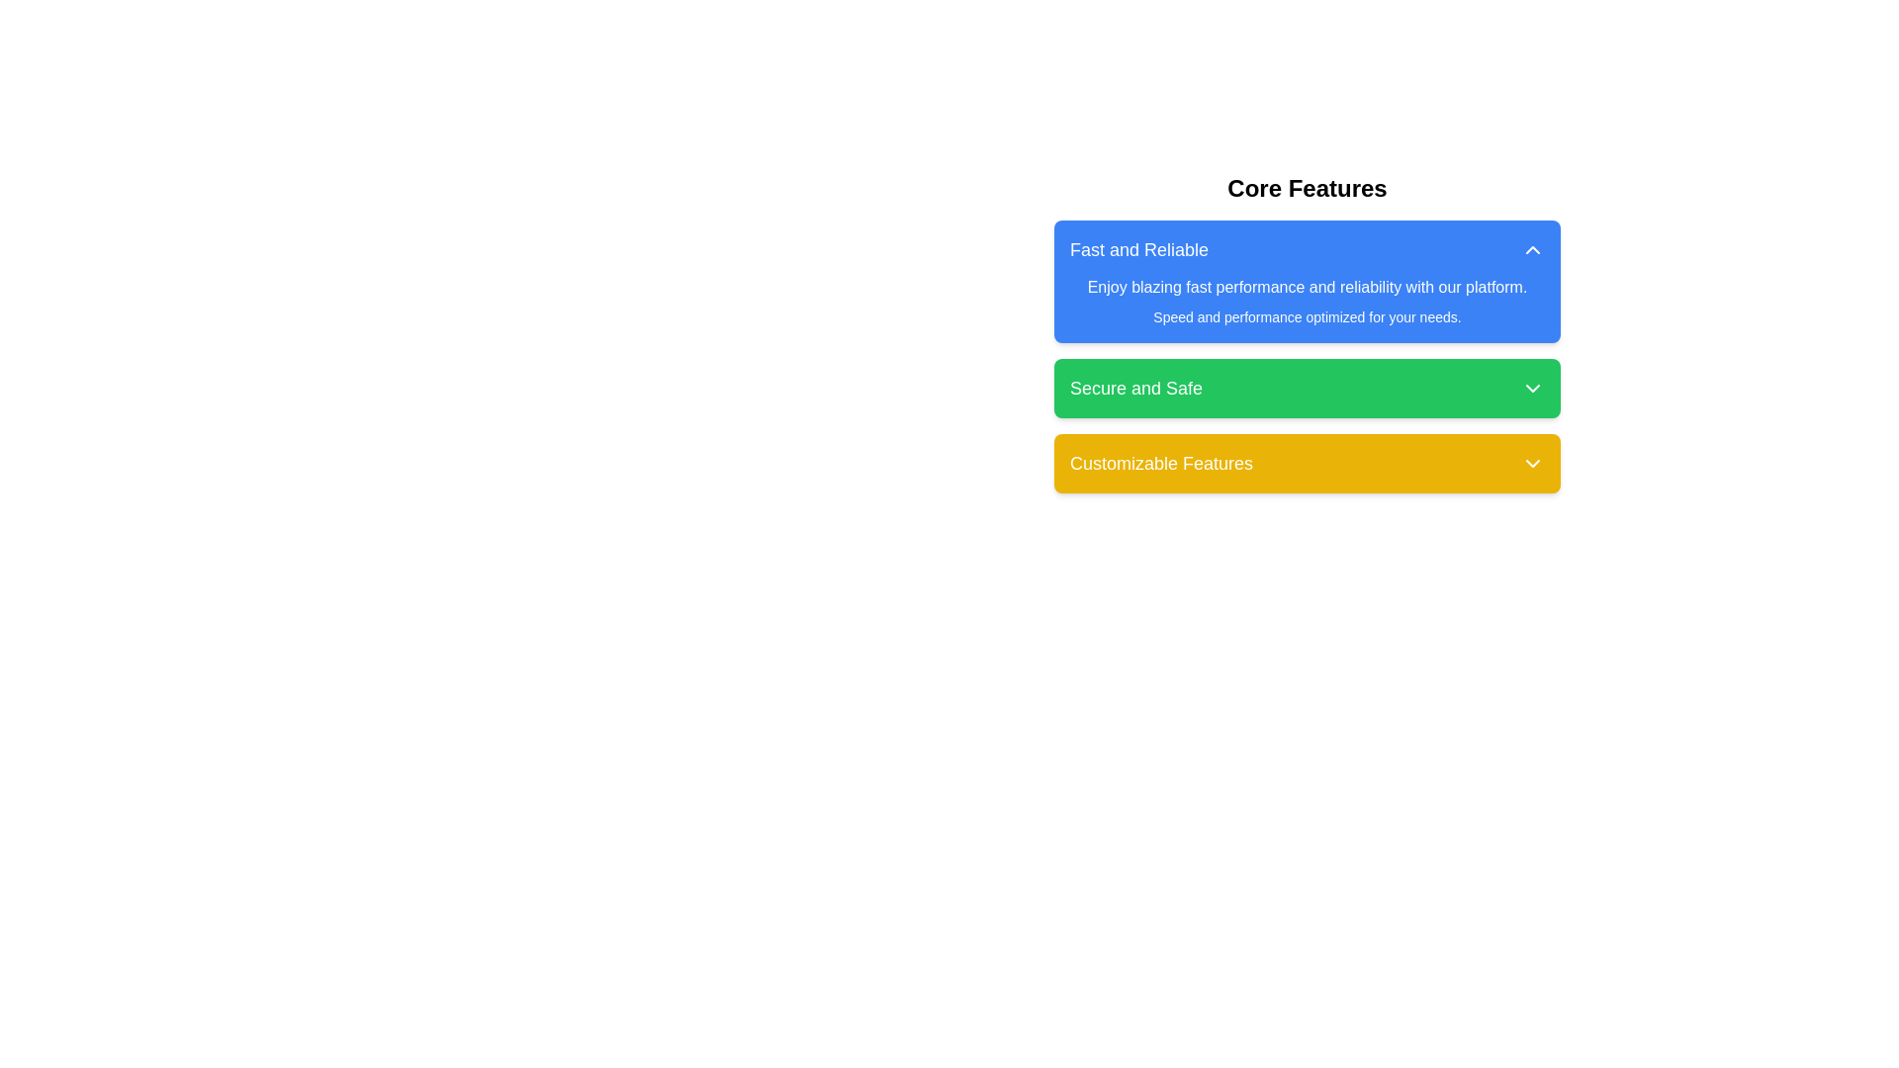  I want to click on the text element that describes the benefits of speed and performance, located below the 'Enjoy blazing fast performance and reliability with our platform.' text in the 'Fast and Reliable' section, so click(1307, 315).